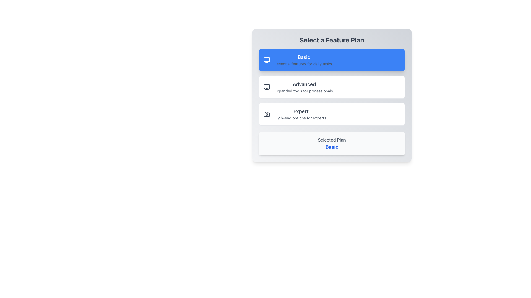  I want to click on the 'Advanced' plan selection button located in the middle of the 'Select a Feature Plan' section, between the 'Basic' and 'Expert' options, so click(332, 87).